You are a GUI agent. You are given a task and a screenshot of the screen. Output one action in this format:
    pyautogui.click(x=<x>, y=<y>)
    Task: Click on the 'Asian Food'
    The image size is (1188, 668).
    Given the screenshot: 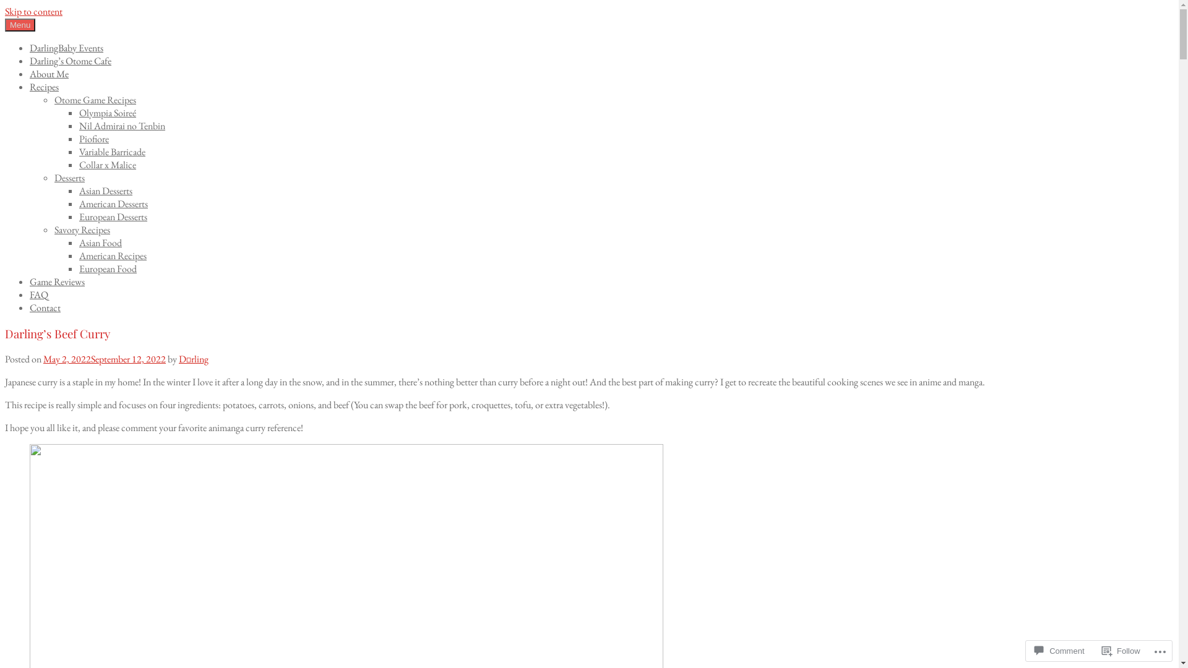 What is the action you would take?
    pyautogui.click(x=79, y=242)
    